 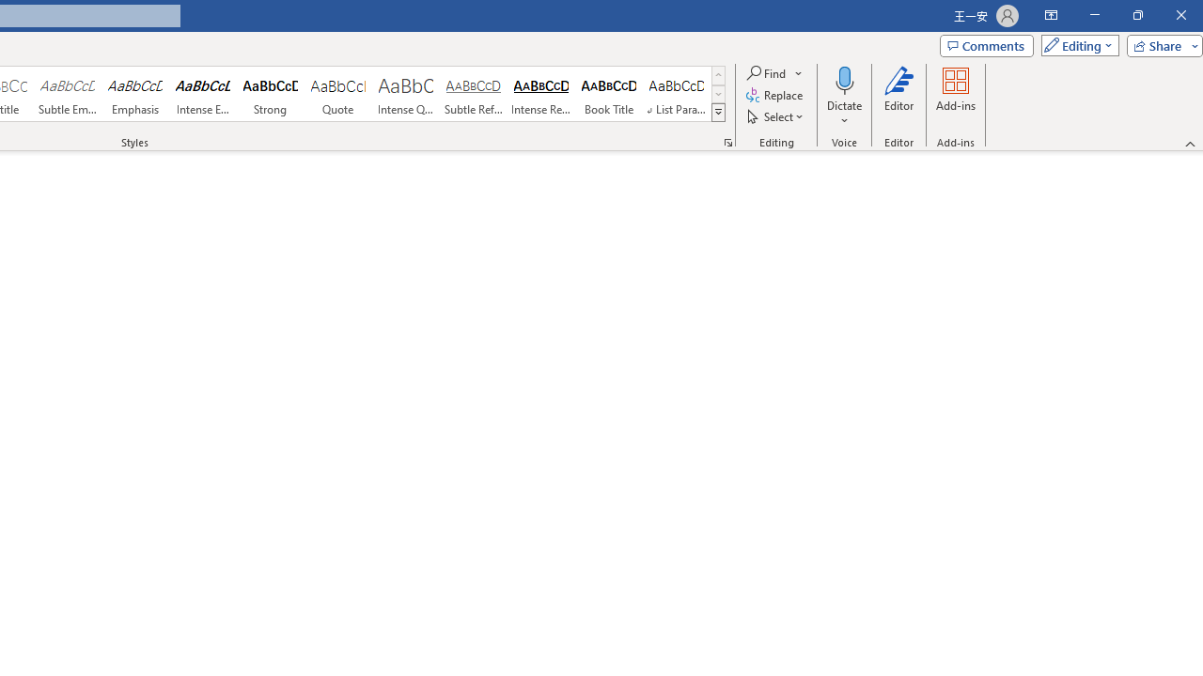 What do you see at coordinates (134, 94) in the screenshot?
I see `'Emphasis'` at bounding box center [134, 94].